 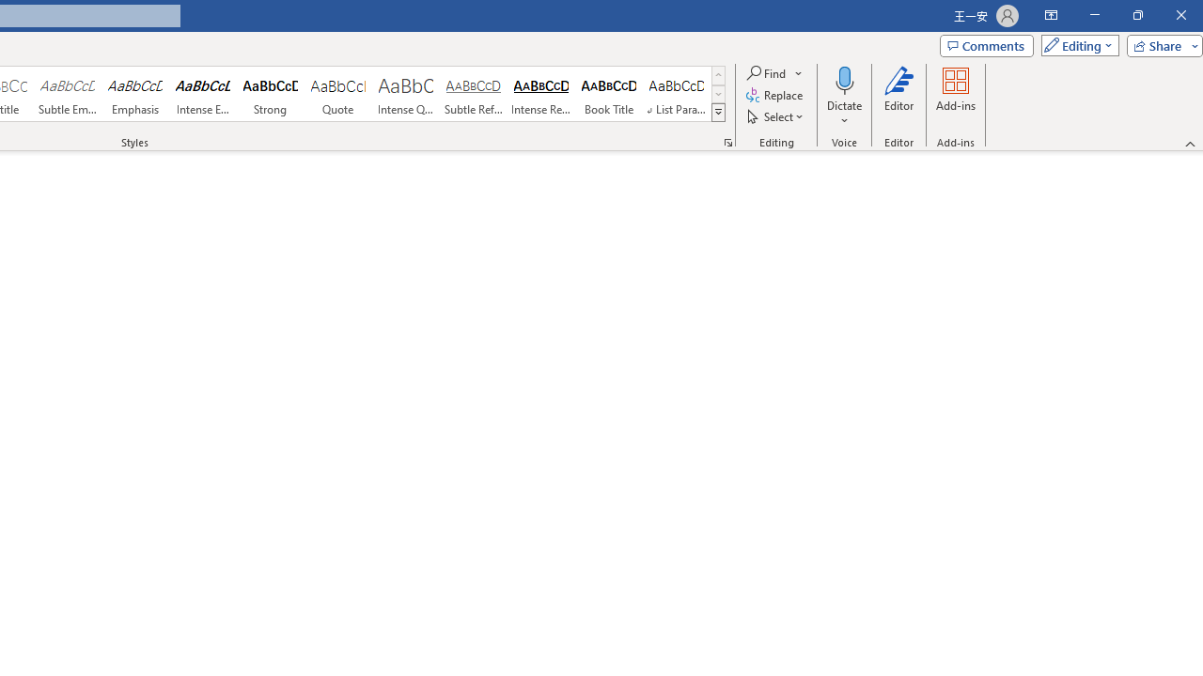 What do you see at coordinates (134, 94) in the screenshot?
I see `'Emphasis'` at bounding box center [134, 94].